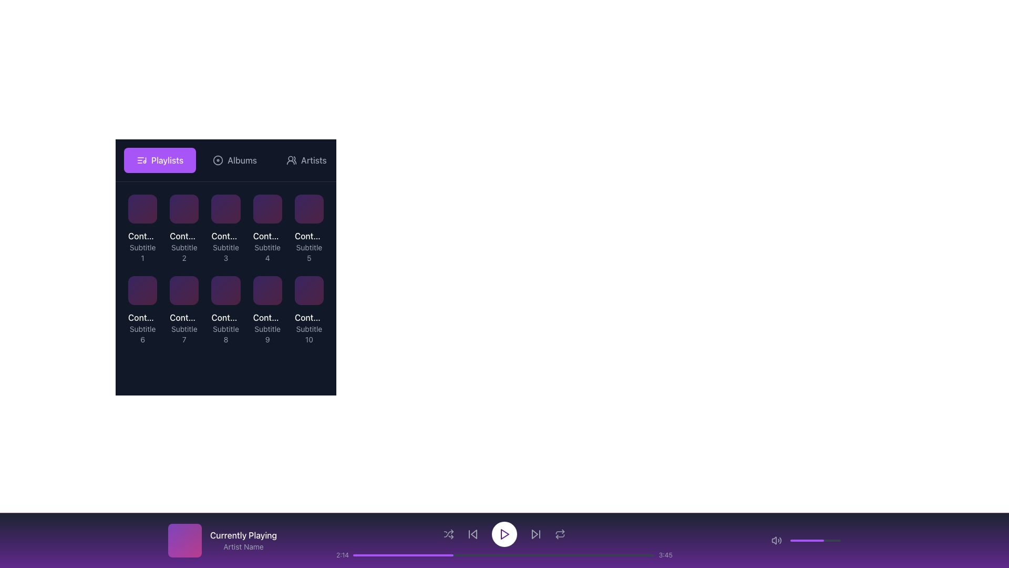  Describe the element at coordinates (504, 534) in the screenshot. I see `the play icon button, which is a small triangle pointing to the right, located in the bottom control bar of the media player interface` at that location.